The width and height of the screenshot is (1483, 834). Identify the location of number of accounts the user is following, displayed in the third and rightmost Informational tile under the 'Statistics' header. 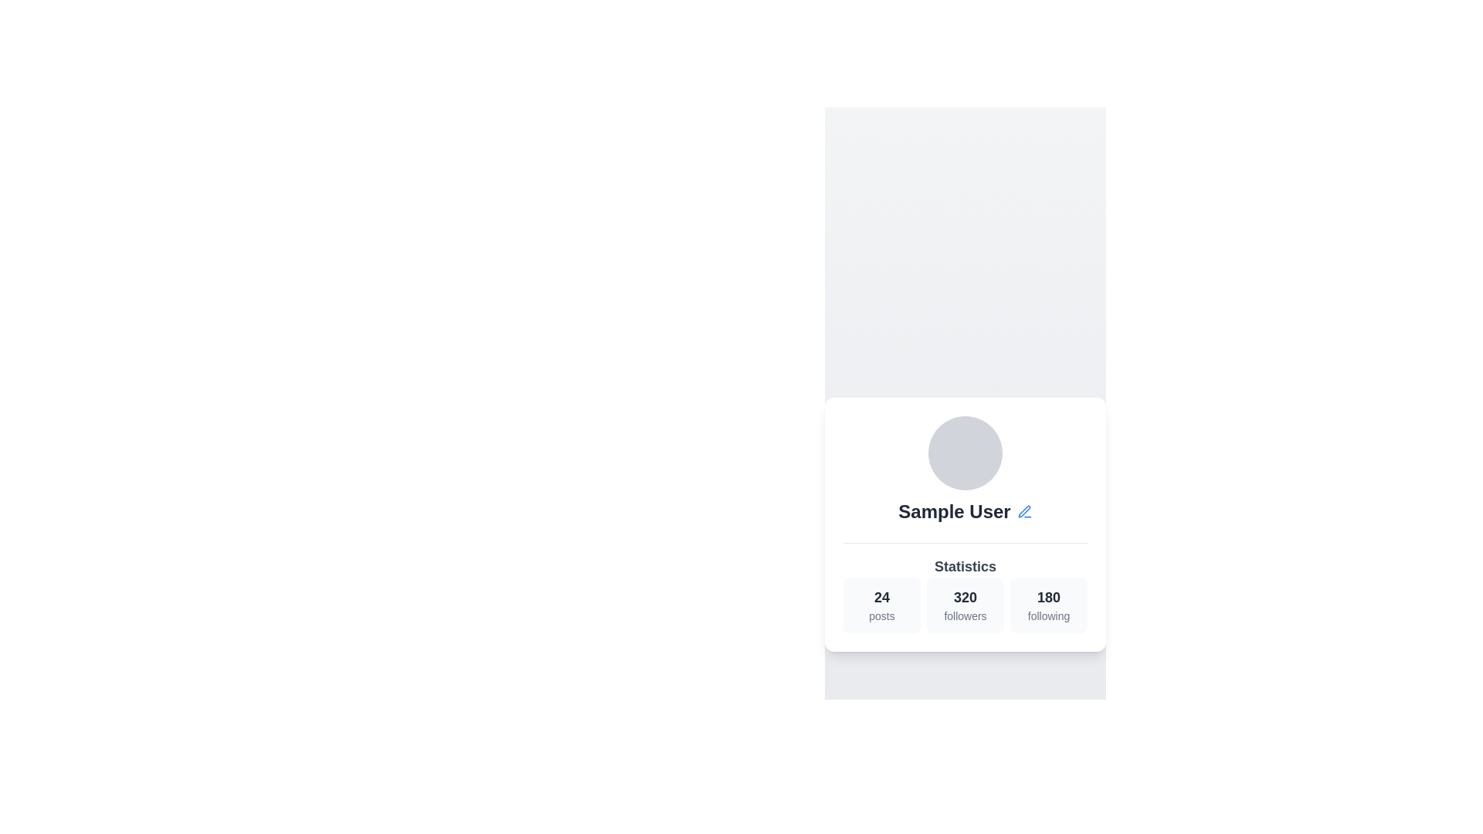
(1049, 604).